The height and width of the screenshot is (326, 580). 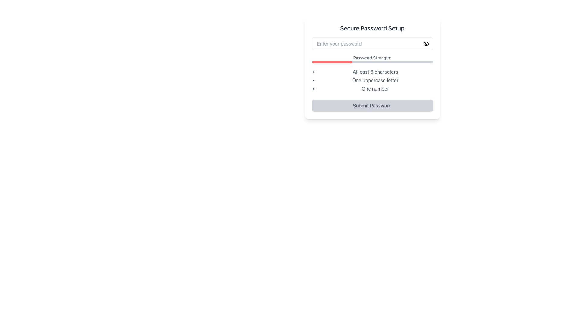 What do you see at coordinates (372, 58) in the screenshot?
I see `the text label that reads 'Password Strength:' displayed in a small-sized gray font, located in the middle of the password setup form, directly below the password input field and above the progress bar` at bounding box center [372, 58].